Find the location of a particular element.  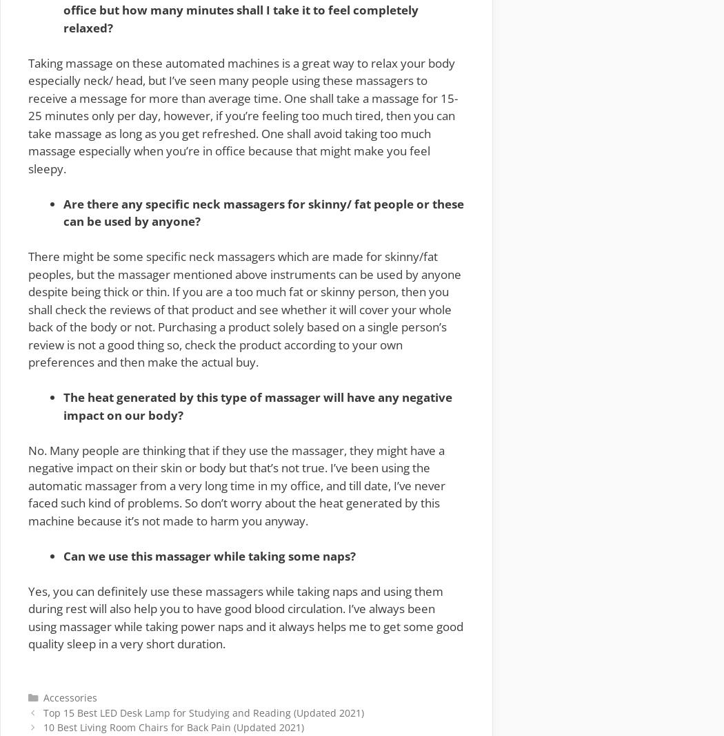

'Top 15 Best LED Desk Lamp for Studying and Reading (Updated 2021)' is located at coordinates (202, 712).